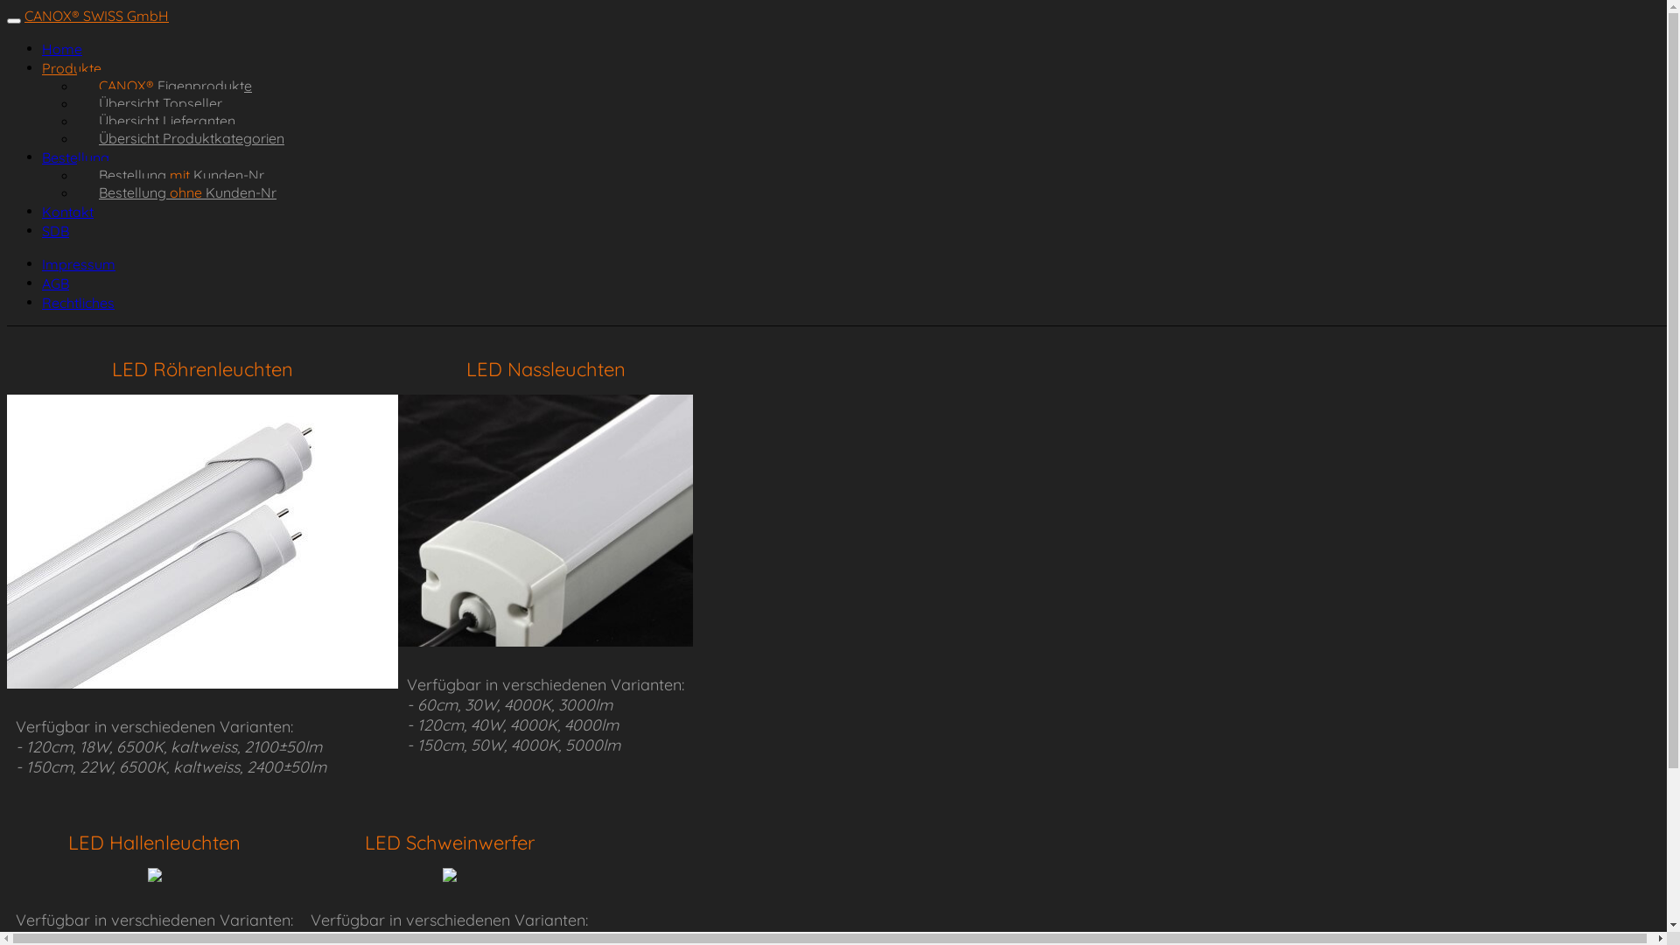 Image resolution: width=1680 pixels, height=945 pixels. I want to click on 'Impressum', so click(78, 263).